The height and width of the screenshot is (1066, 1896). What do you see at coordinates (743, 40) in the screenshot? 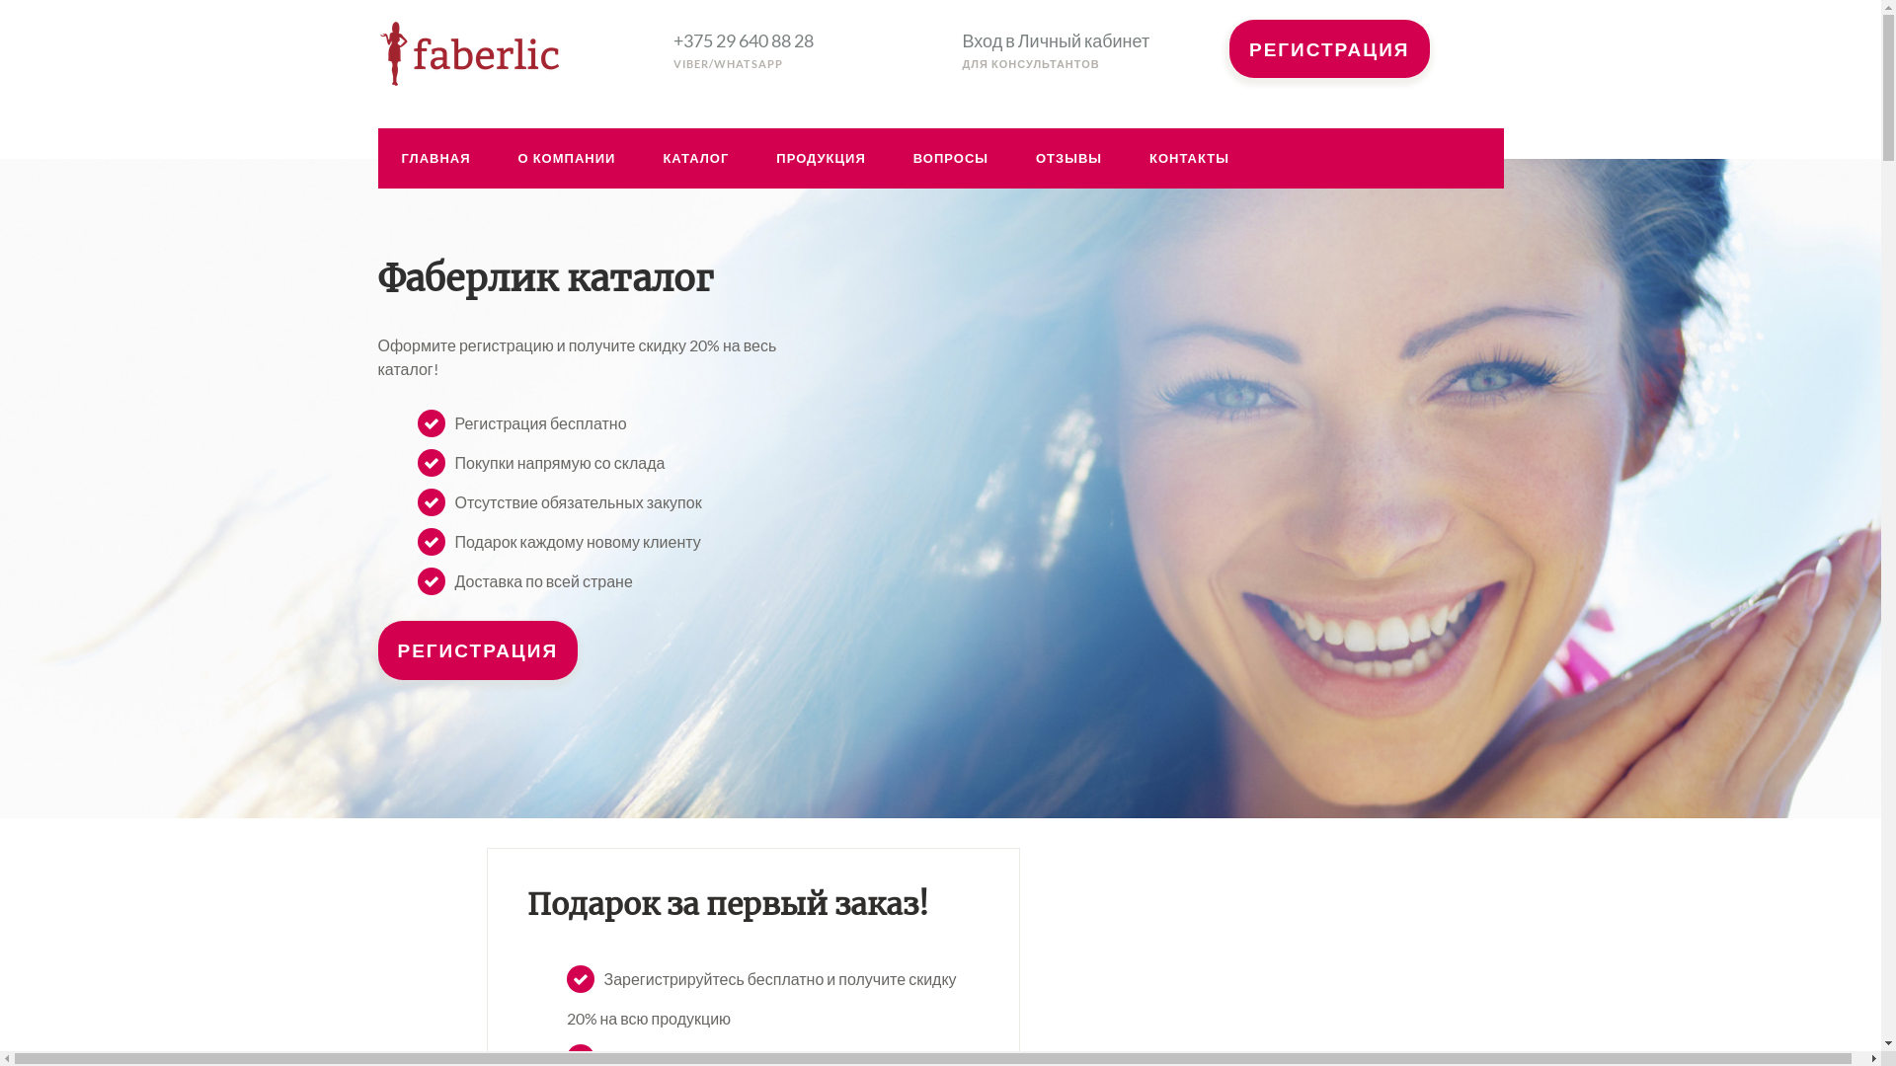
I see `'+375 29 640 88 28'` at bounding box center [743, 40].